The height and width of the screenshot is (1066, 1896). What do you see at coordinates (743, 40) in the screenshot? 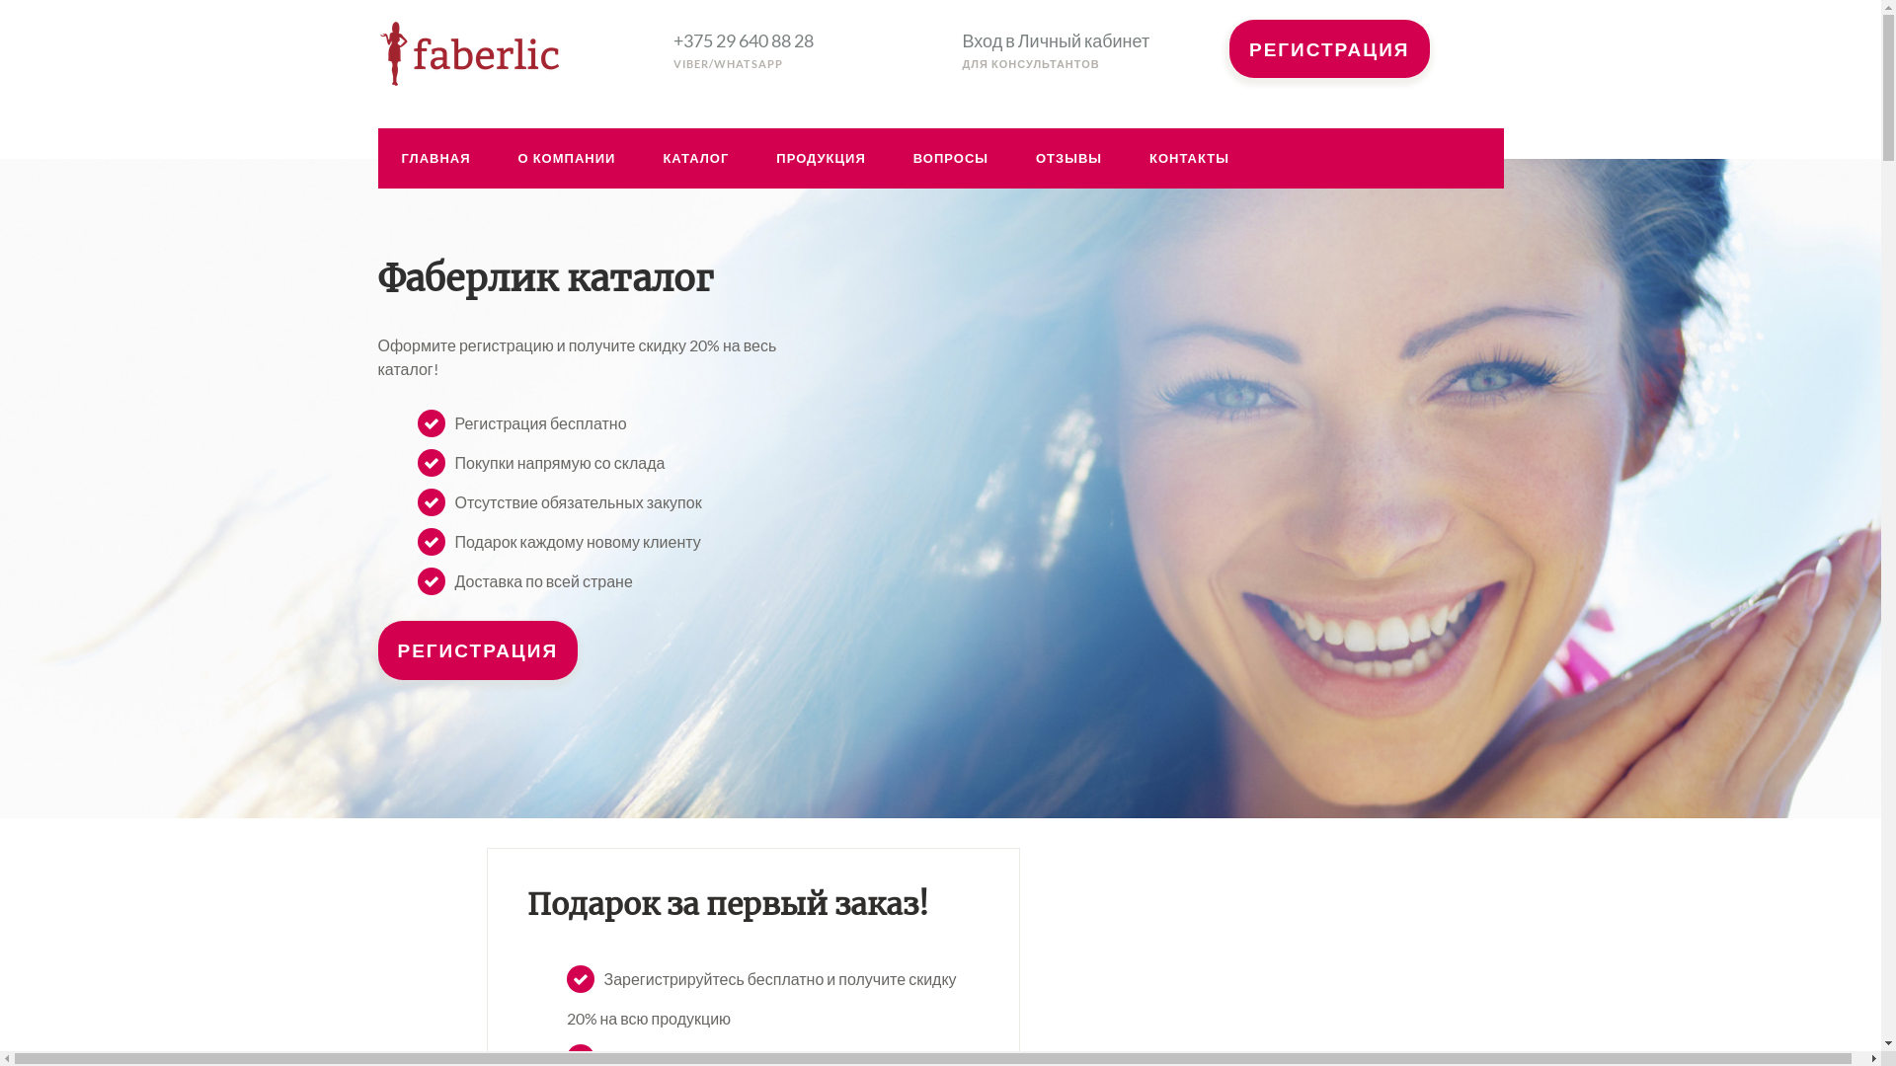
I see `'+375 29 640 88 28'` at bounding box center [743, 40].